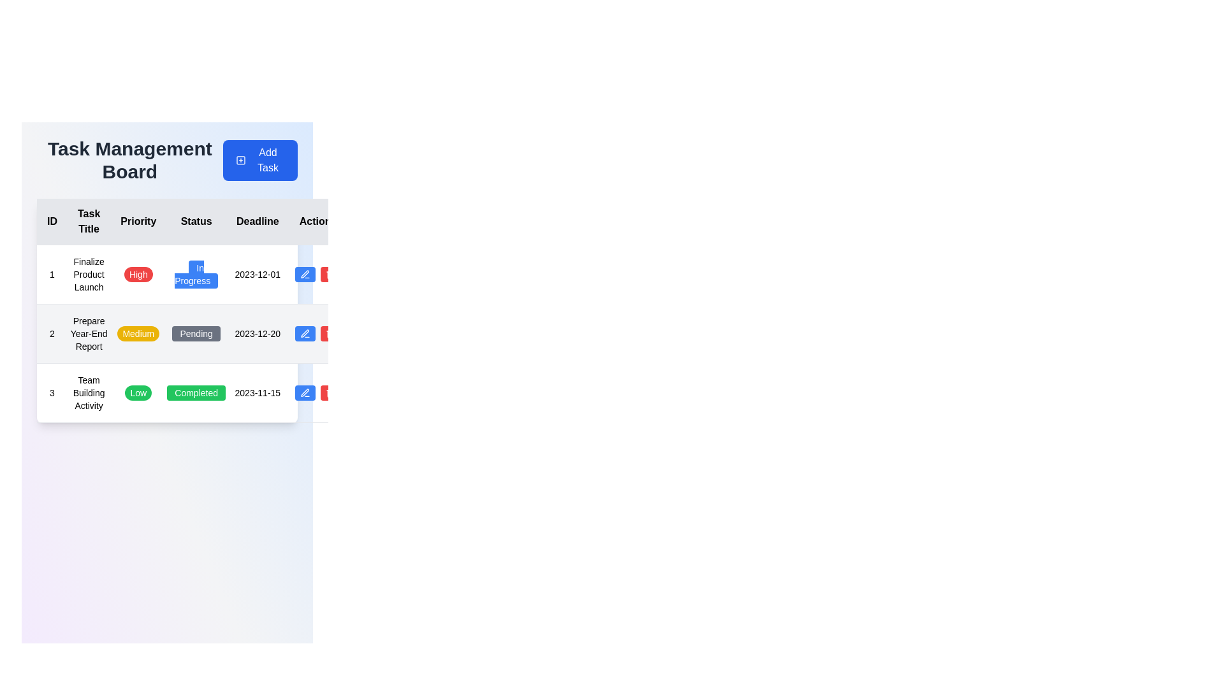 Image resolution: width=1224 pixels, height=688 pixels. Describe the element at coordinates (304, 273) in the screenshot. I see `the 'Edit' icon located in the second row of the task list within the 'Action' column` at that location.